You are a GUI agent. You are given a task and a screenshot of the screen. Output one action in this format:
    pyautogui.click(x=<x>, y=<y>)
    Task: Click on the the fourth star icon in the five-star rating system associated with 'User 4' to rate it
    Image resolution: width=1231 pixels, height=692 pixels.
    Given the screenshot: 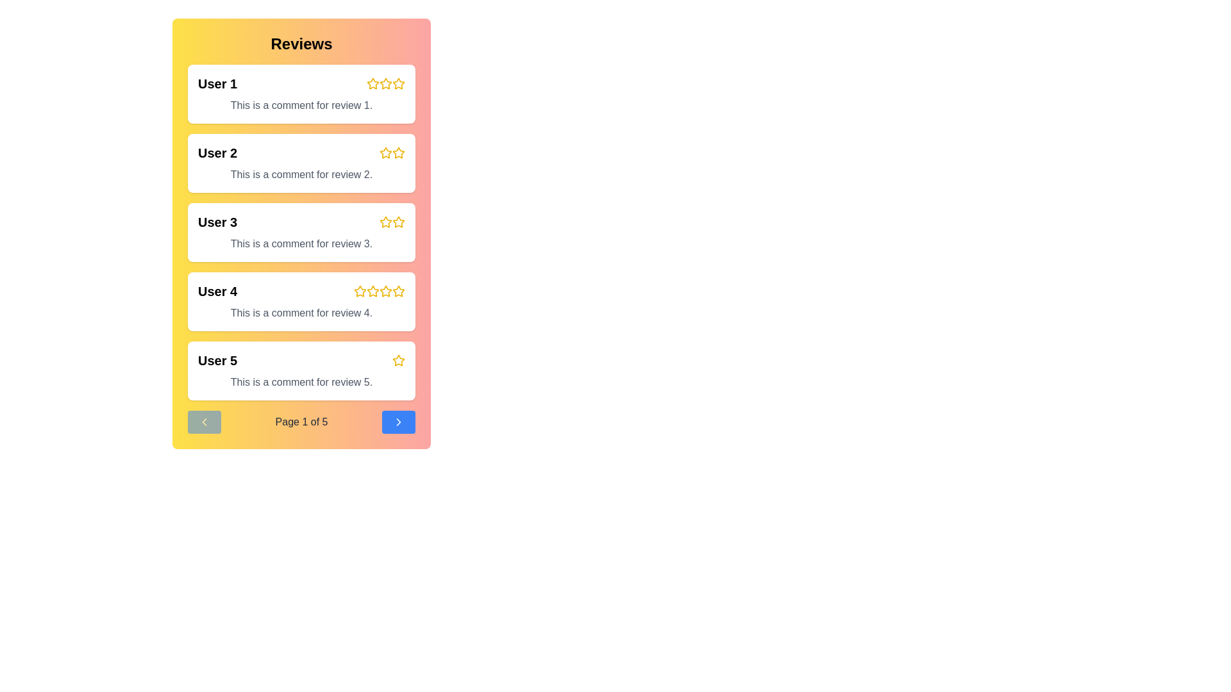 What is the action you would take?
    pyautogui.click(x=385, y=291)
    